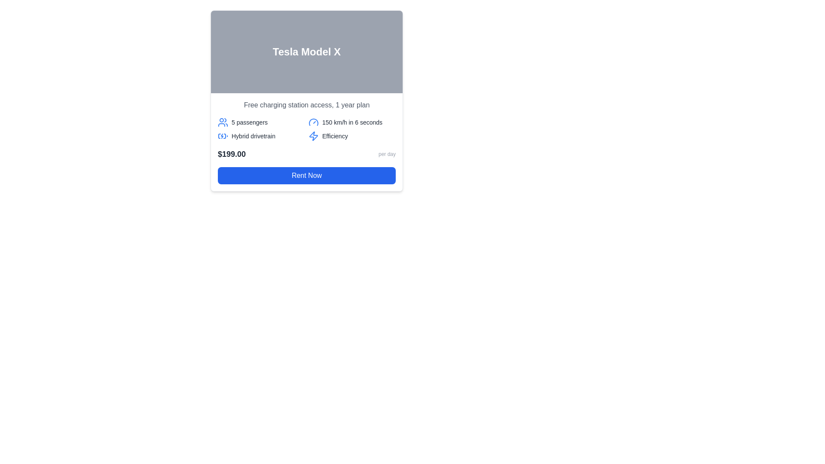 Image resolution: width=825 pixels, height=464 pixels. I want to click on information displayed in the Grid layout containing text and icons located in the middle section of the vehicle detail card, positioned below the description 'Free charging station access, 1 year plan' and above the price section of '$199.00 per day', so click(307, 129).